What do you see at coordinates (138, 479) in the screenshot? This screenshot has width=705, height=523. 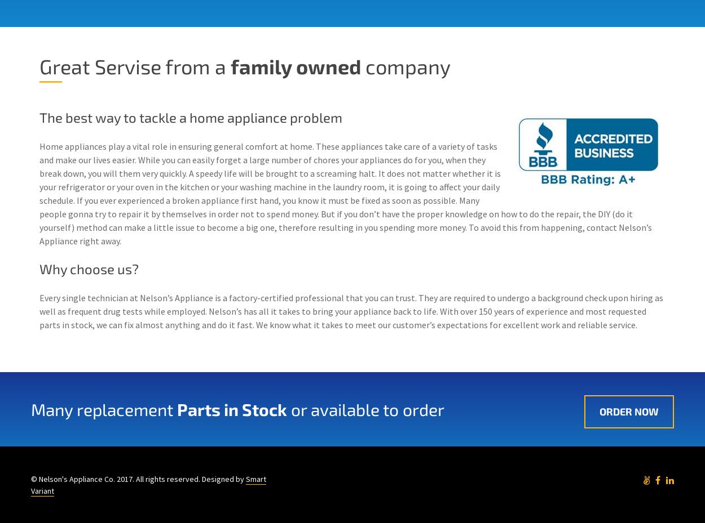 I see `'© Nelson's Appliance Co. 2017. All rights reserved. Designed by'` at bounding box center [138, 479].